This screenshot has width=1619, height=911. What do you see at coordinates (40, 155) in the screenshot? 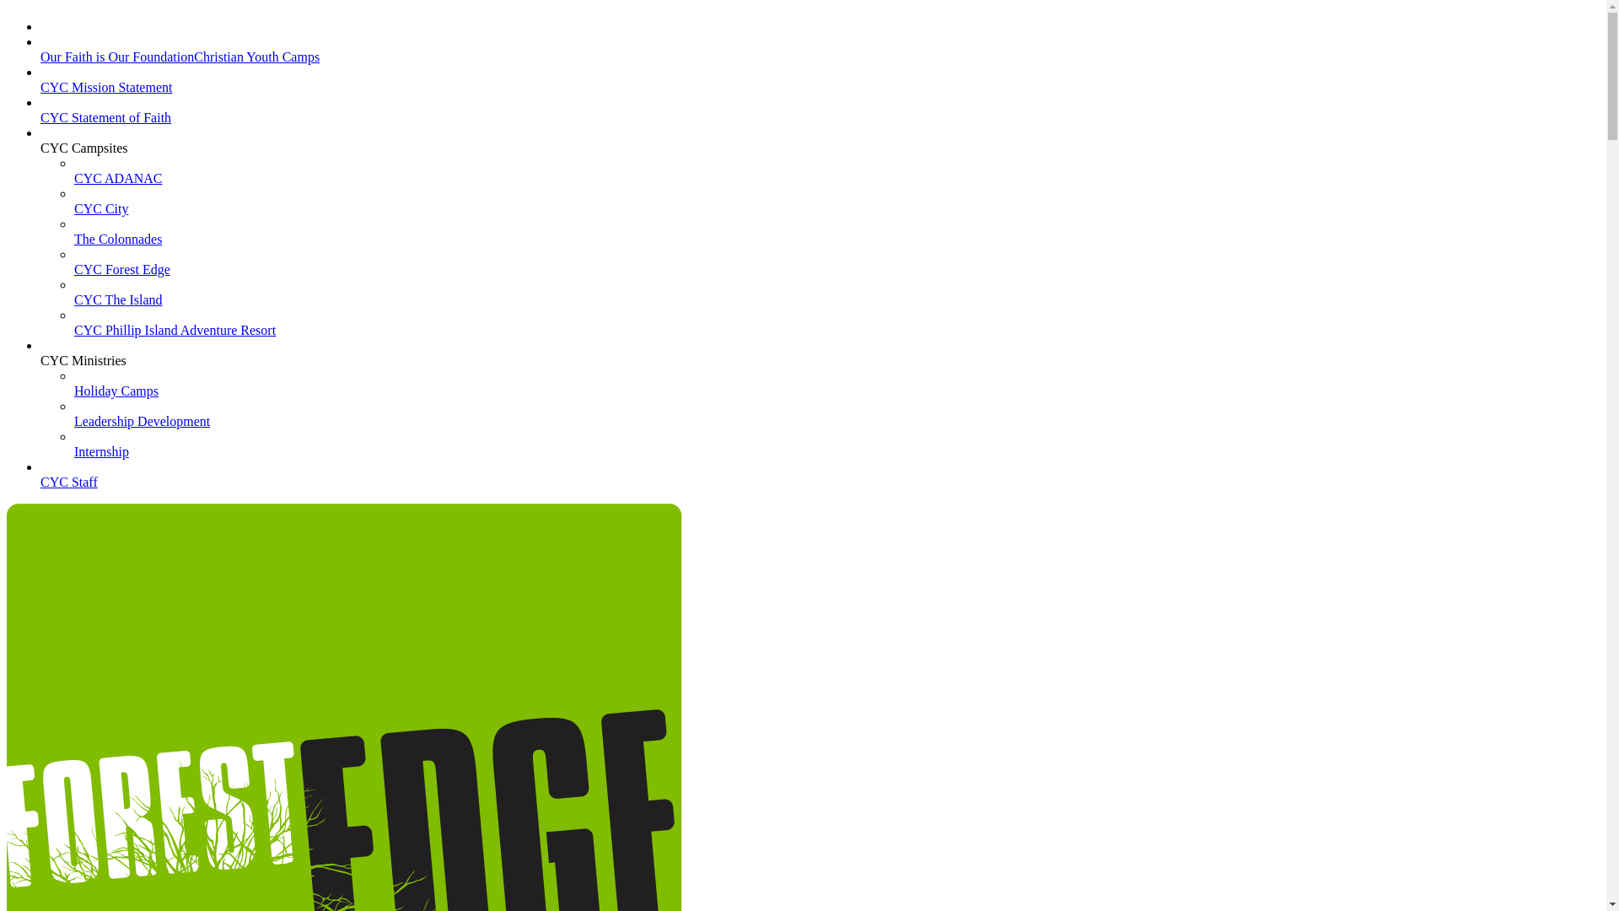
I see `'CYC Campsites'` at bounding box center [40, 155].